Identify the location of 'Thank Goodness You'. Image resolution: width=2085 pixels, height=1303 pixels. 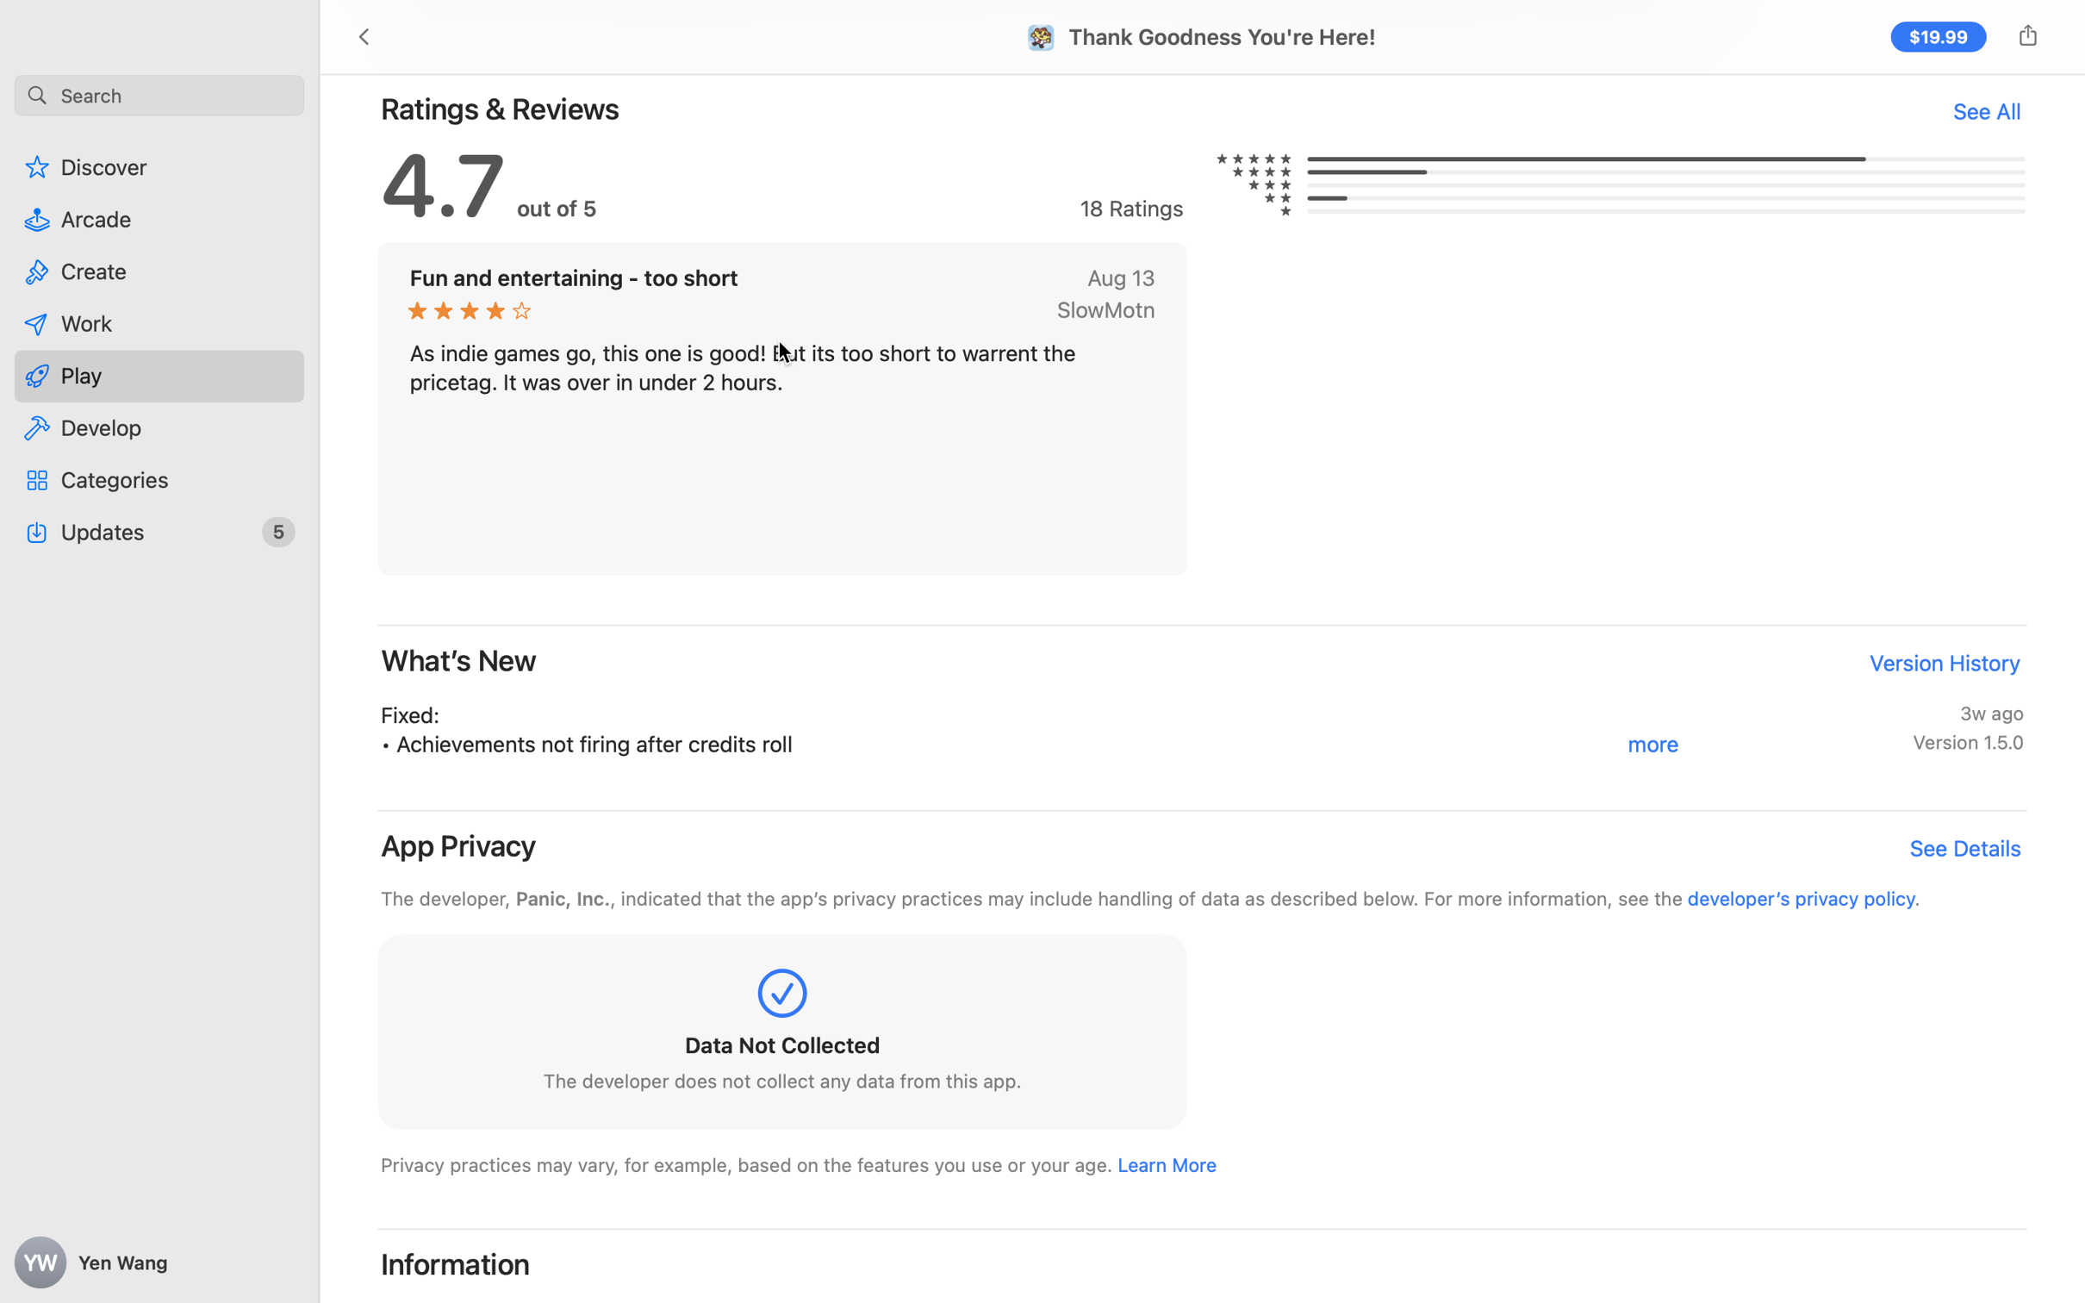
(1222, 35).